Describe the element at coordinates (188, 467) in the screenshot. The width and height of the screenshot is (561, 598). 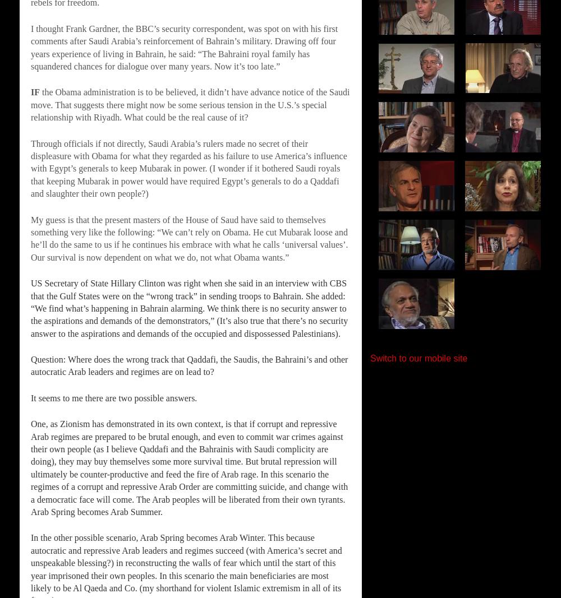
I see `'One, as Zionism has demonstrated in its own context, is that if corrupt and repressive Arab regimes are prepared to be brutal enough, and even to commit war crimes against their own people (as I believe Qaddafi and the Bahrainis with Saudi complicity are doing), they may buy themselves some more survival time. But brutal repression will ultimately be counter-productive and feed the fire of Arab rage. In this scenario the regimes of a corrupt and repressive Arab Order are committing suicide, and change with a democratic face will come. The Arab peoples will be liberated from their own tyrants. Arab Spring becomes Arab Summer.'` at that location.